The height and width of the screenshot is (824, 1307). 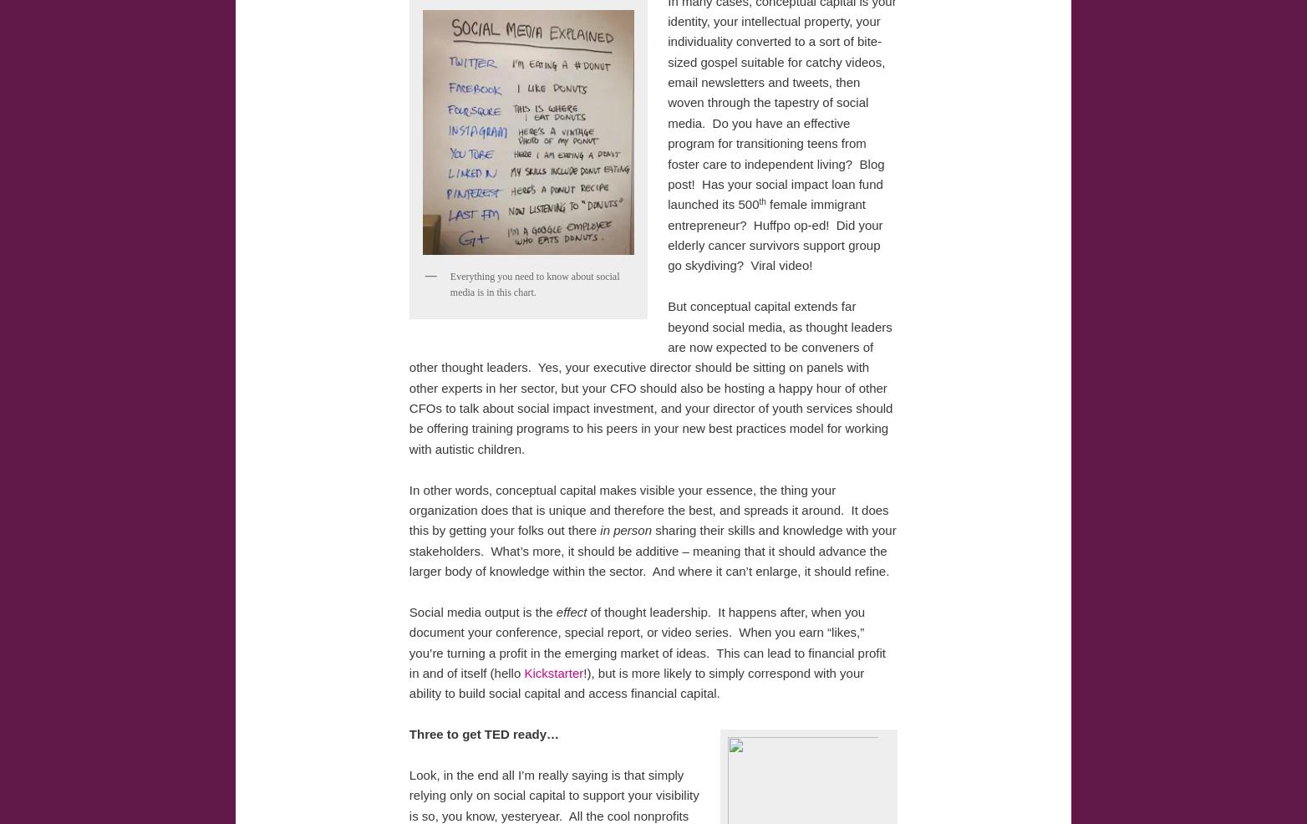 What do you see at coordinates (635, 682) in the screenshot?
I see `'!), but is more likely to simply correspond with your ability to build social capital and access financial capital.'` at bounding box center [635, 682].